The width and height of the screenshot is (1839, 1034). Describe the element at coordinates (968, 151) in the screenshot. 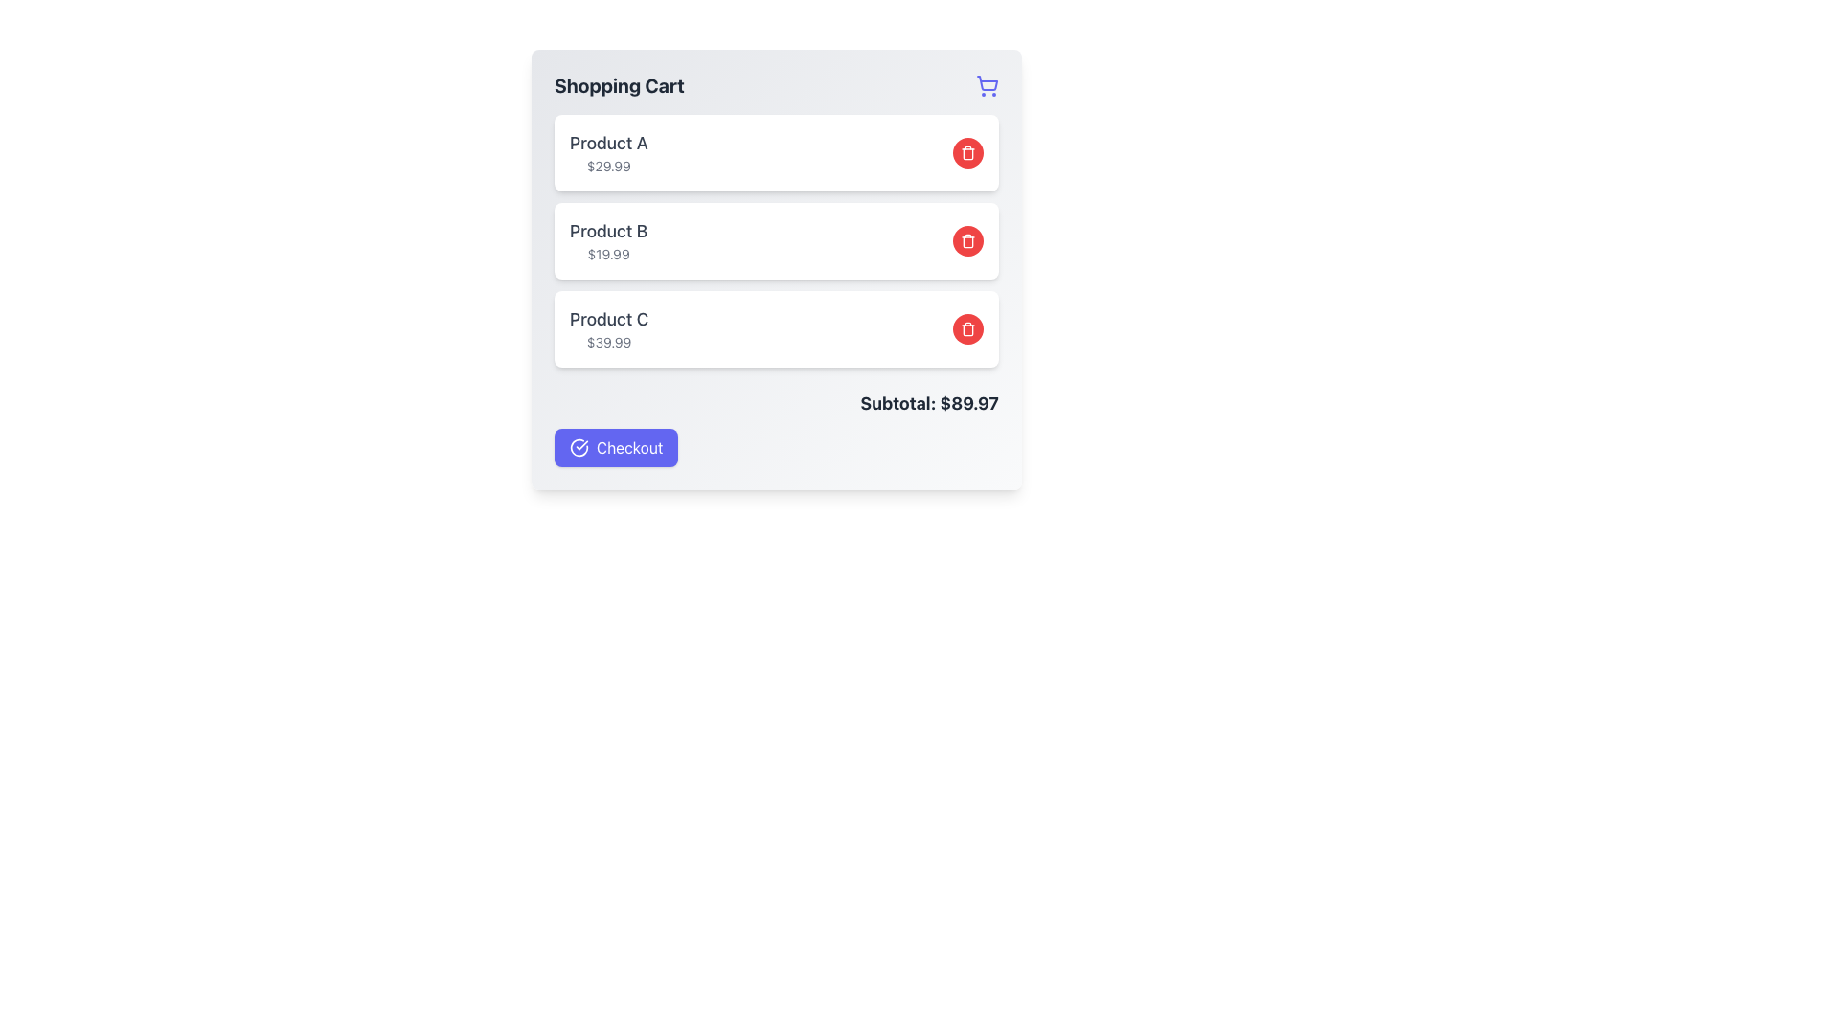

I see `the trash bin-shaped icon button with a red background located next to the product listing in the 'Product B' row, adjacent to the price` at that location.